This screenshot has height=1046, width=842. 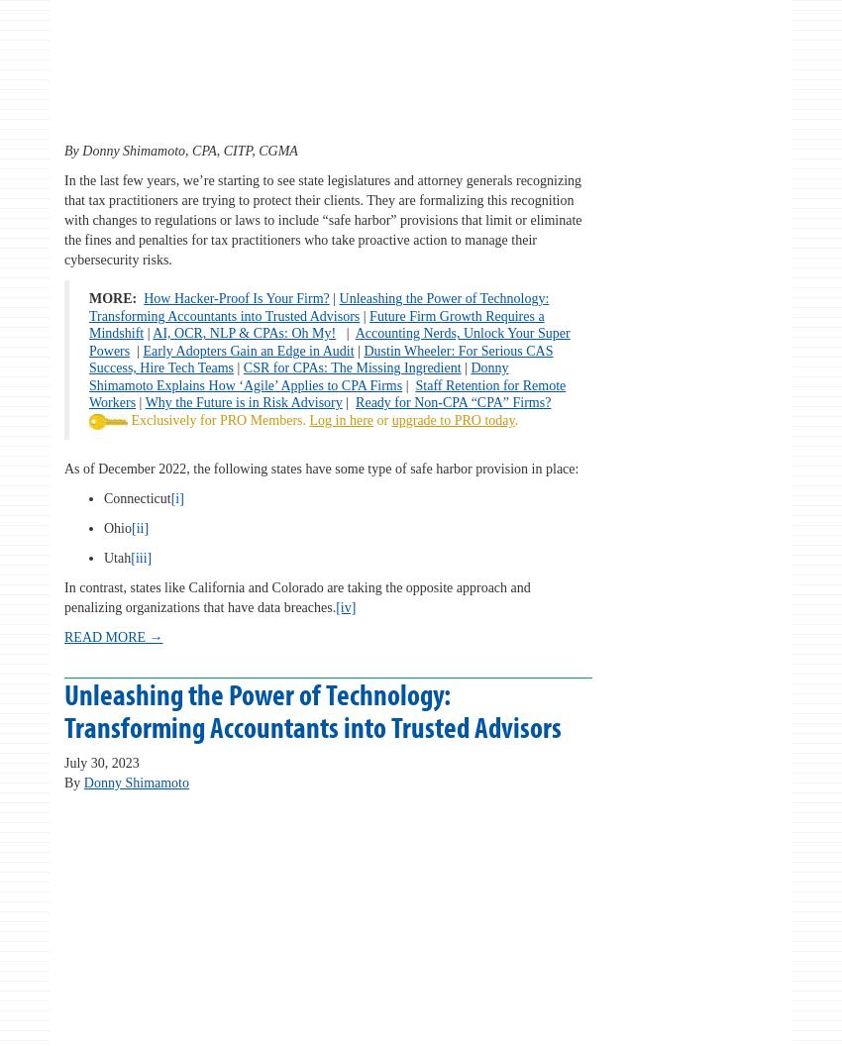 I want to click on 'Early Adopters Gain an Edge in Audit', so click(x=248, y=349).